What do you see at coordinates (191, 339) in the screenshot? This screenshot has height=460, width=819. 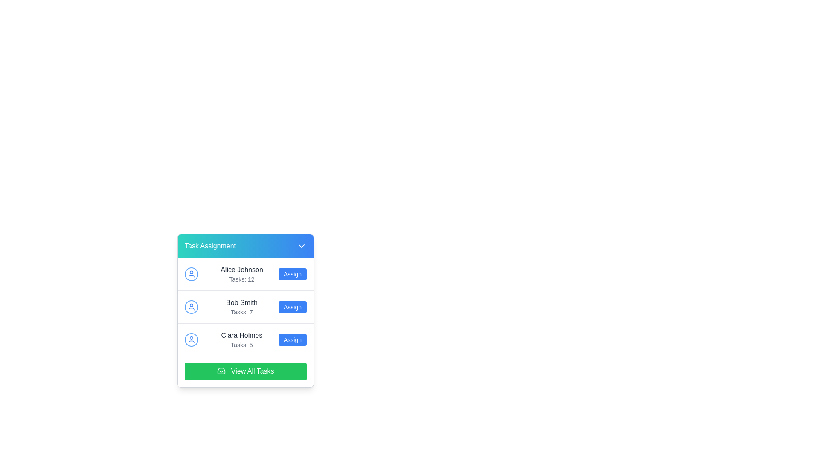 I see `the blue circular user icon with a white silhouette representing 'Clara Holmes' in the task assignment list, located in the third entry of the task list` at bounding box center [191, 339].